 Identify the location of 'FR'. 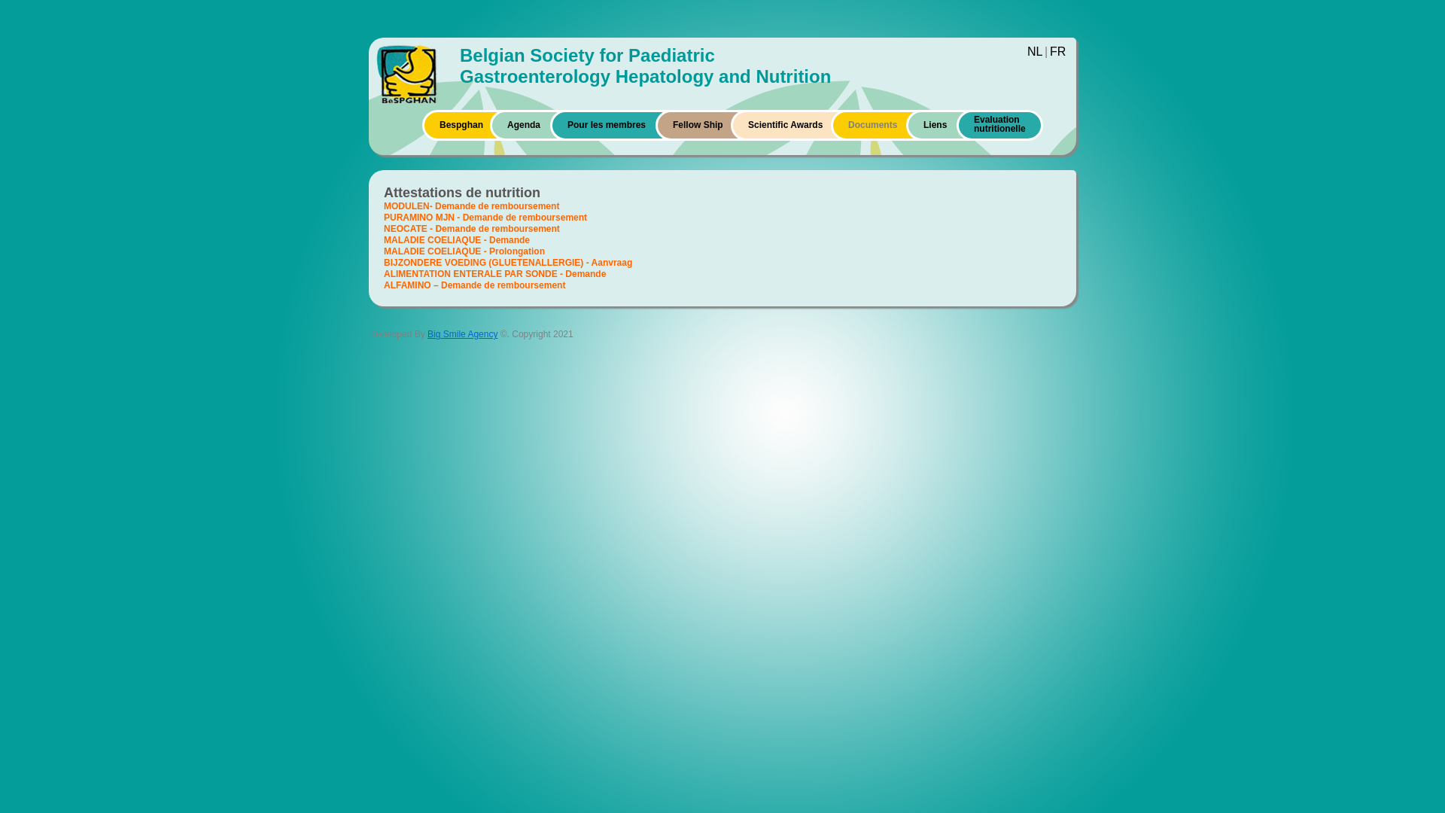
(1057, 50).